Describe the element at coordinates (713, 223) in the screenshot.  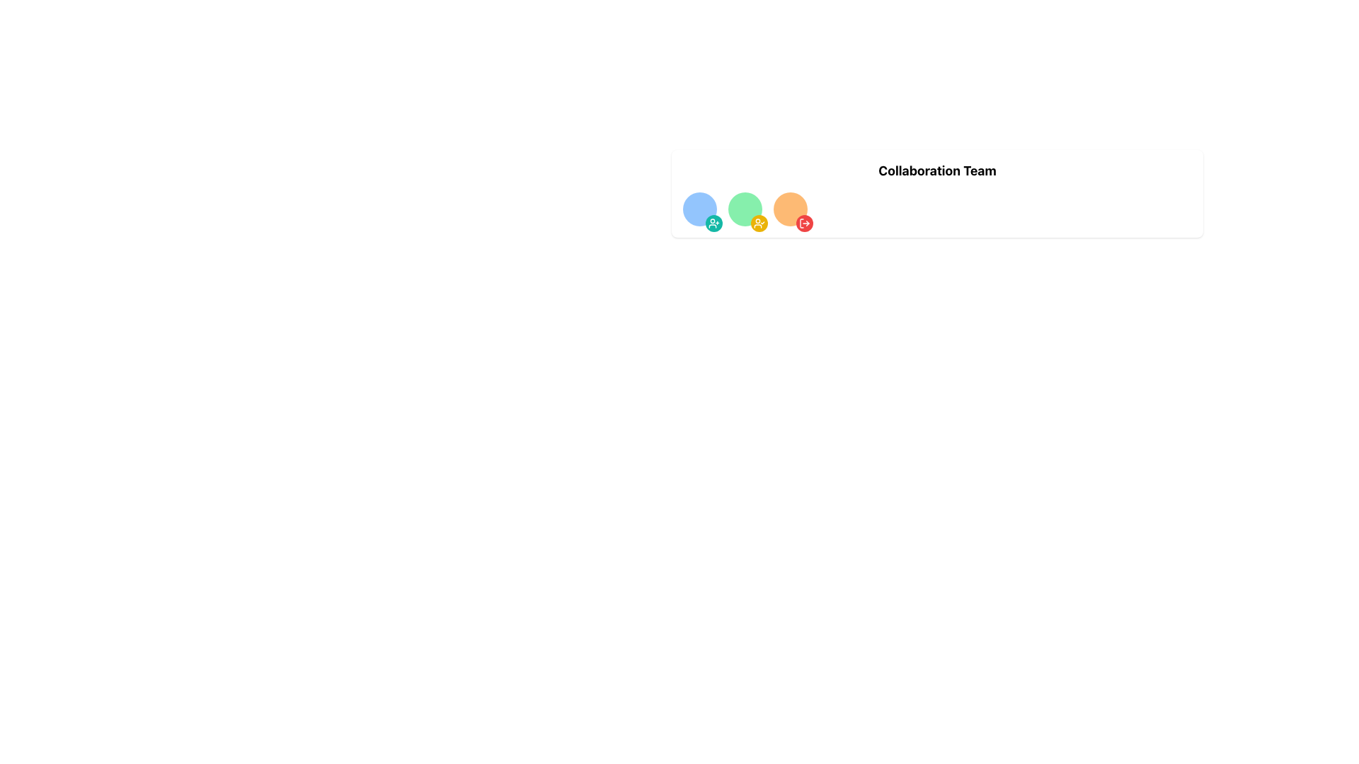
I see `the user icon with a white outline and '+' sign on a teal circular background, positioned as the third icon from the left in a horizontal sequence of four icons, for accessibility purposes` at that location.